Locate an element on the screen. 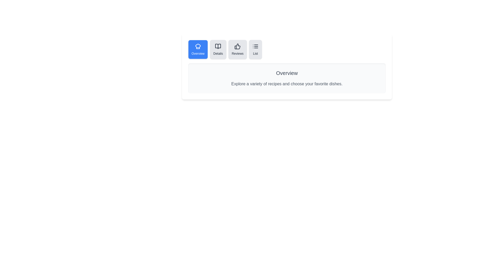 The image size is (499, 280). the Reviews tab by clicking its button is located at coordinates (237, 50).